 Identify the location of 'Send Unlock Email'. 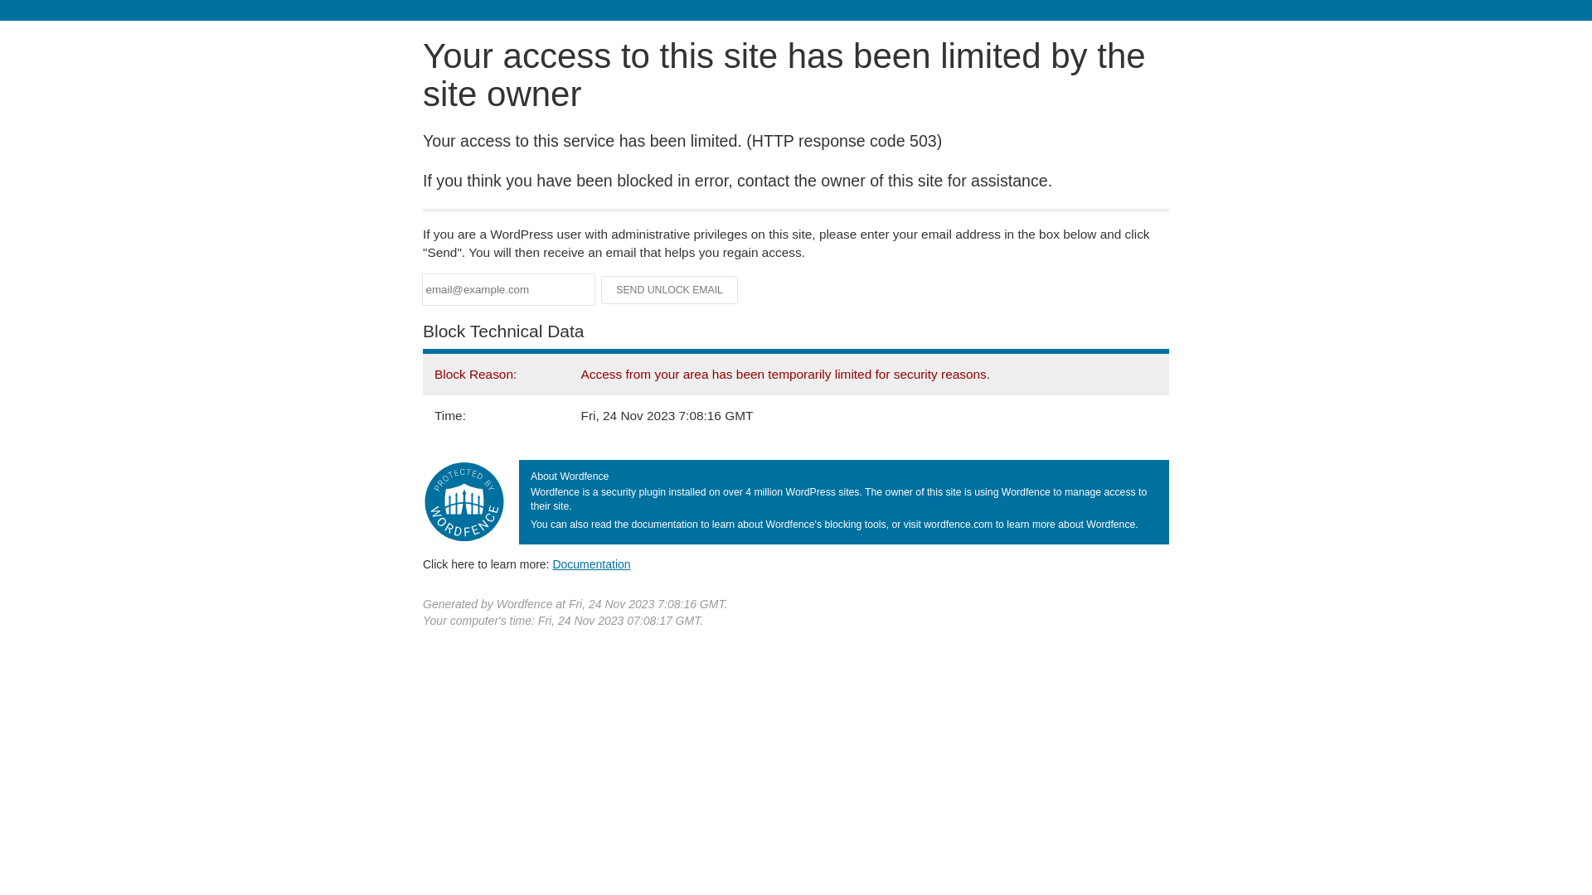
(669, 289).